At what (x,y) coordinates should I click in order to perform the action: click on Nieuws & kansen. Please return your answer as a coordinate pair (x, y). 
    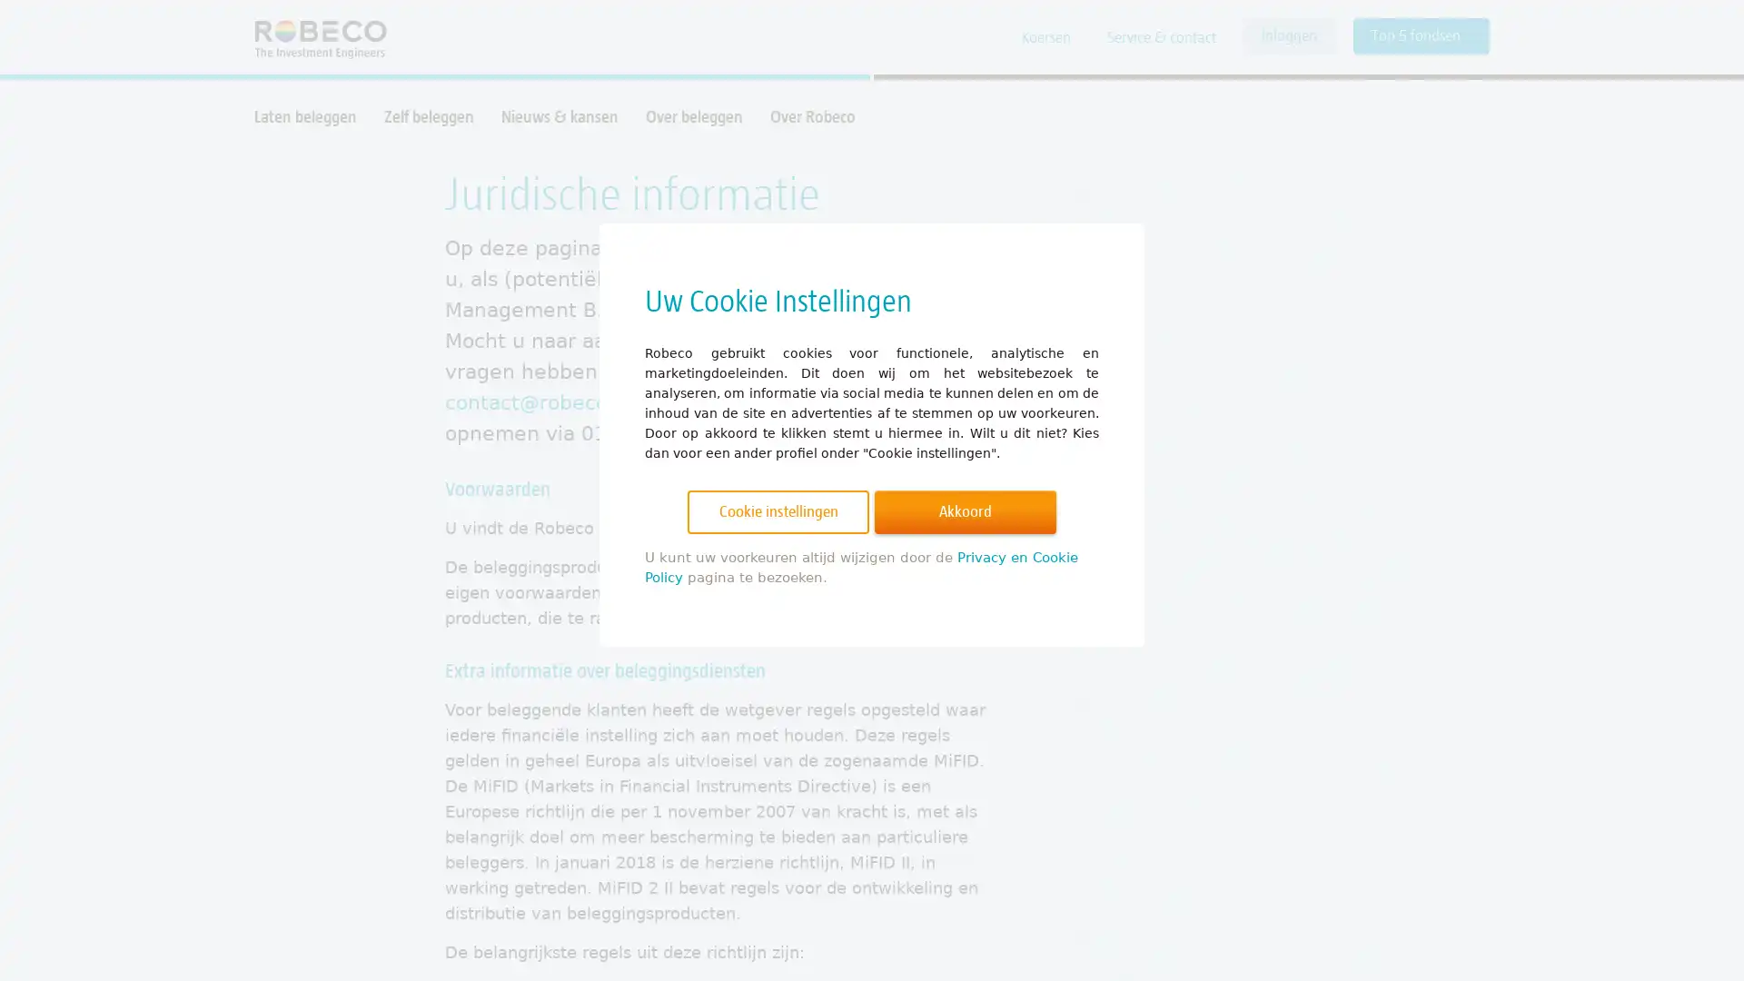
    Looking at the image, I should click on (559, 116).